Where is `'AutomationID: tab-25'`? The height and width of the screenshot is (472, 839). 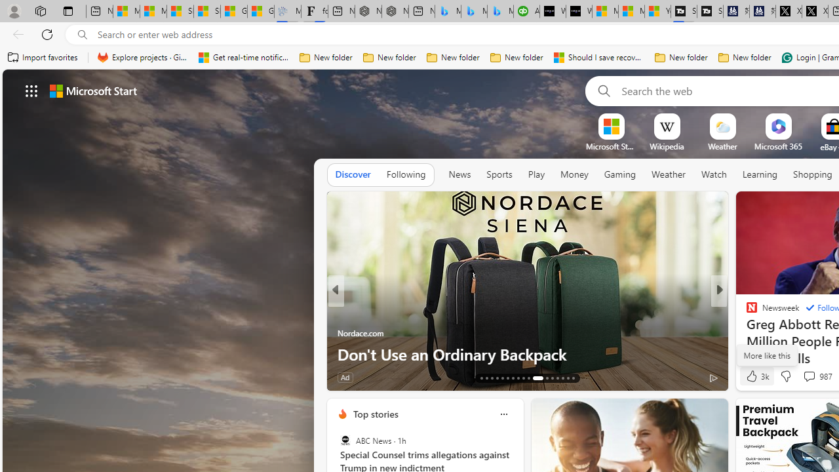
'AutomationID: tab-25' is located at coordinates (552, 378).